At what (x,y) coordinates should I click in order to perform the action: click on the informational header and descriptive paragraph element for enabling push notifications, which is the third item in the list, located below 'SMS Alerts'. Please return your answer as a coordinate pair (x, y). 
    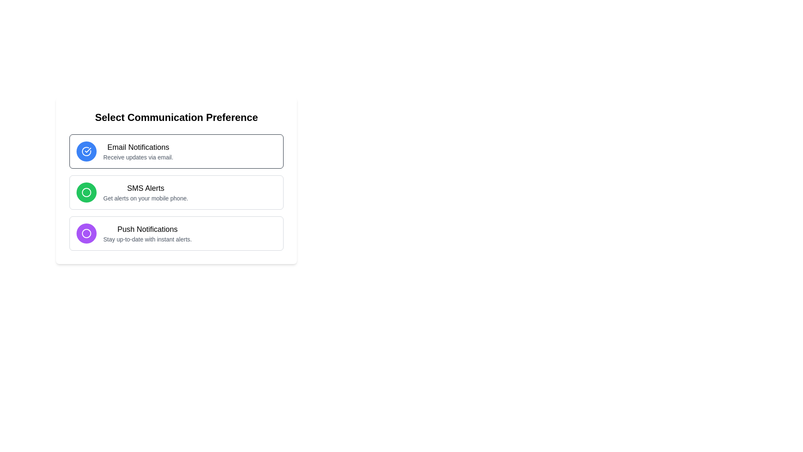
    Looking at the image, I should click on (147, 234).